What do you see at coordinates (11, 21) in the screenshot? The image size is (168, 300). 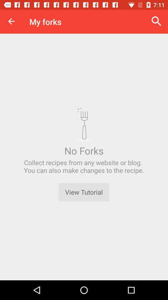 I see `the item to the left of my forks icon` at bounding box center [11, 21].